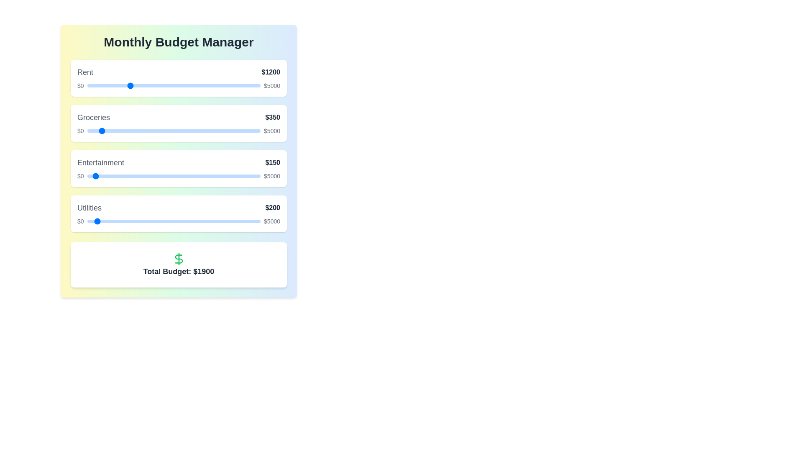  Describe the element at coordinates (178, 85) in the screenshot. I see `the range input slider track located in the 'Rent $1200' section to move the handle and select a value within the range of $0 to $5000` at that location.